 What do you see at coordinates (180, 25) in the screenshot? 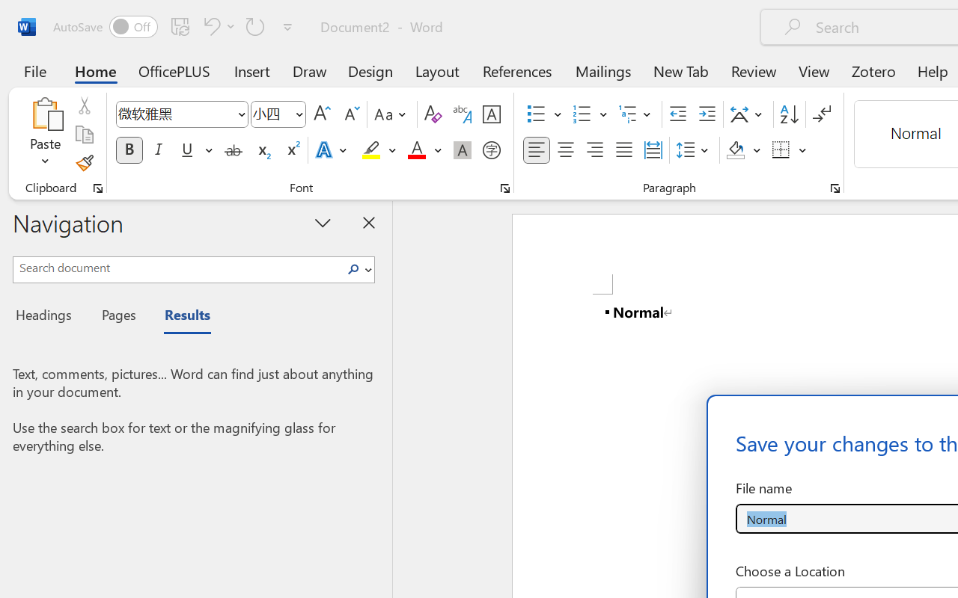
I see `'Save'` at bounding box center [180, 25].